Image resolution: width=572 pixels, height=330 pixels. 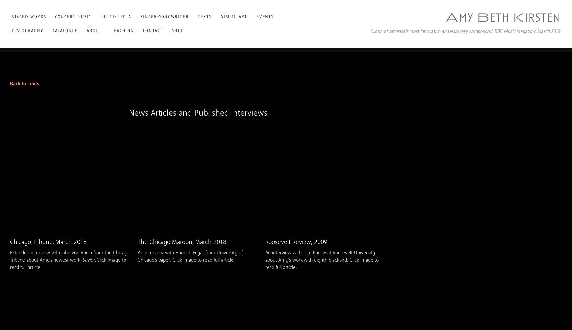 What do you see at coordinates (198, 112) in the screenshot?
I see `'News Articles and Published Interviews'` at bounding box center [198, 112].